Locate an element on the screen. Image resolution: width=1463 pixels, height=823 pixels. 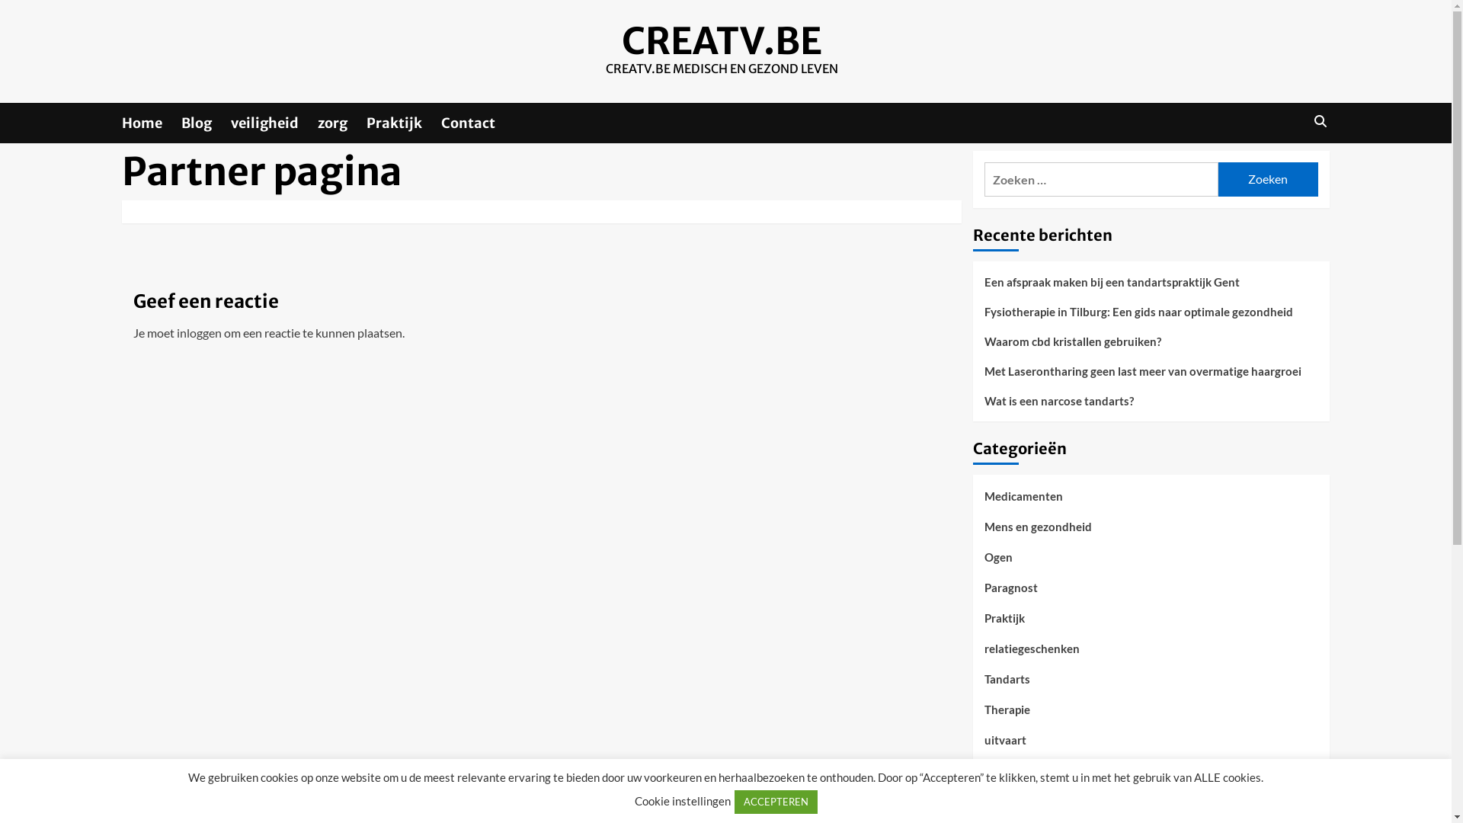
'Mens en gezondheid' is located at coordinates (1037, 531).